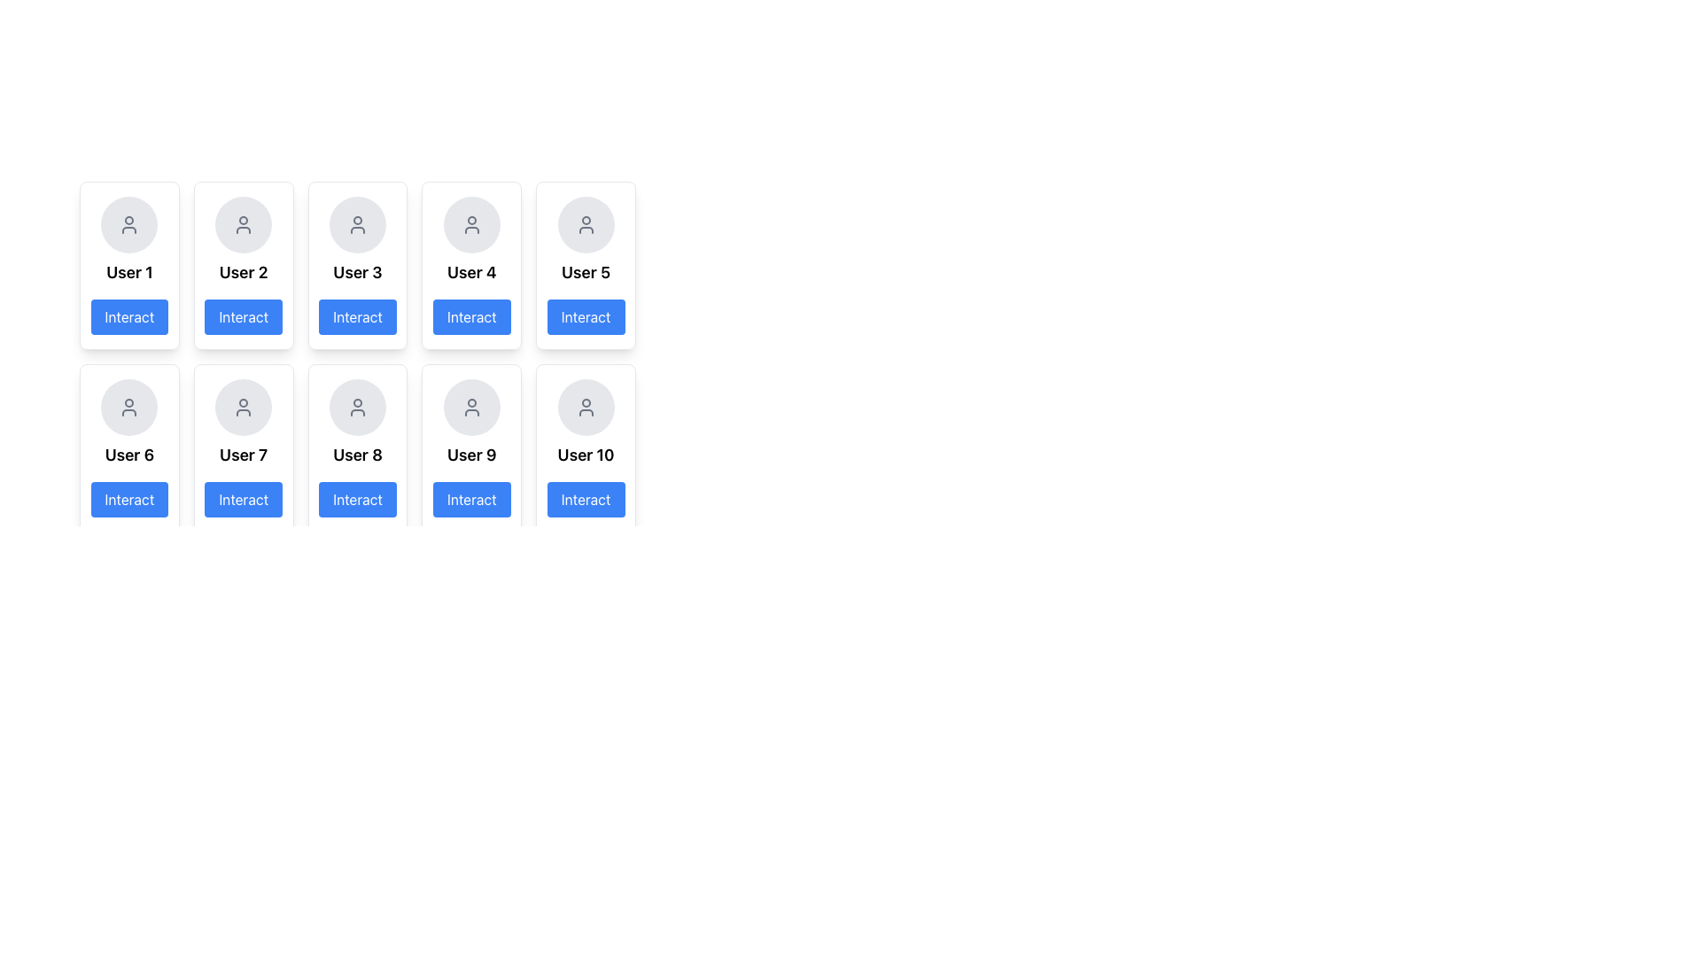  Describe the element at coordinates (128, 407) in the screenshot. I see `the user profile icon, which is a gray outline drawing of a circular head and shoulders, located in the second row of the grid layout, under the 'User 6' label` at that location.